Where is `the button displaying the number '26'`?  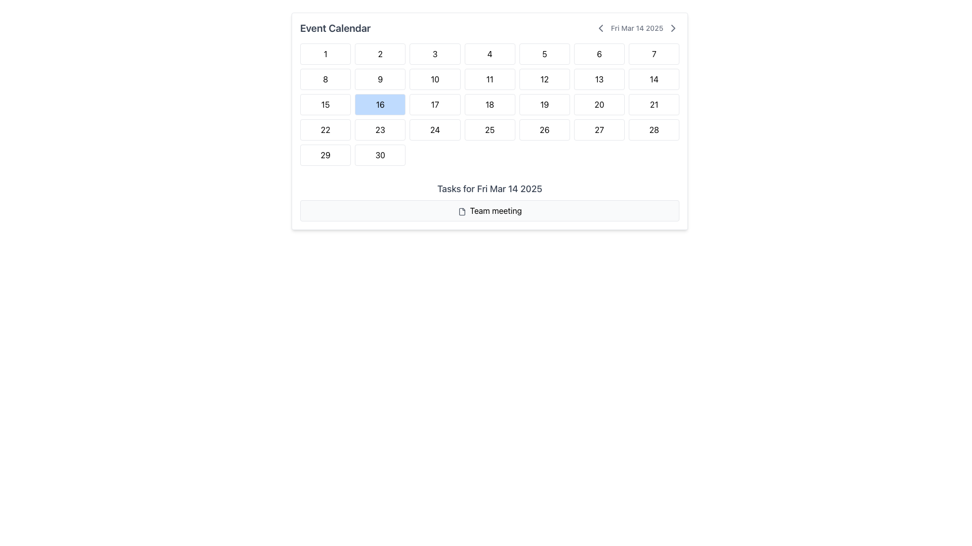
the button displaying the number '26' is located at coordinates (544, 129).